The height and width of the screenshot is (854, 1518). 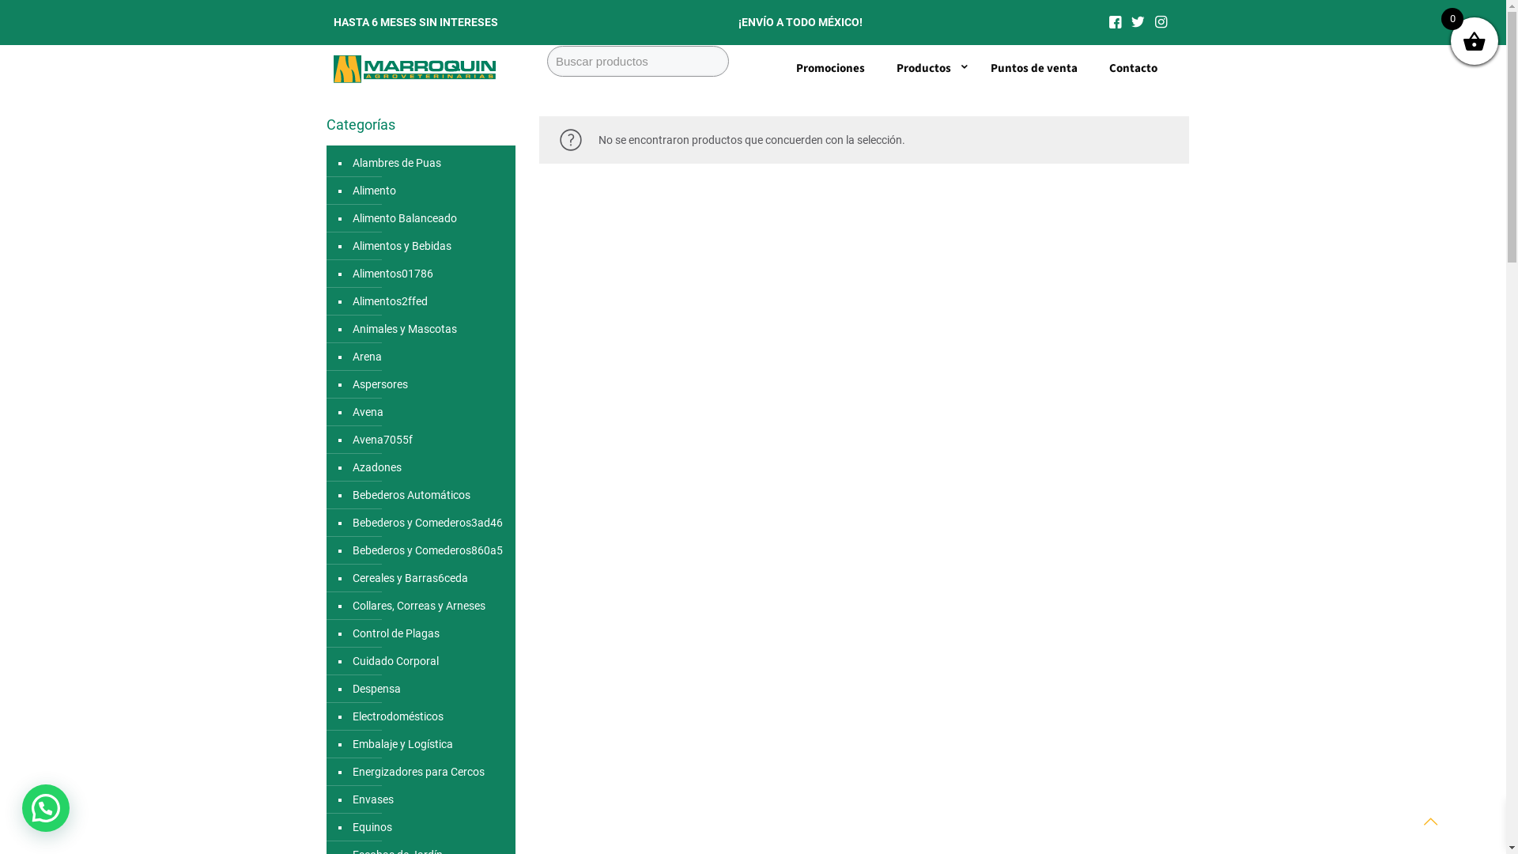 What do you see at coordinates (429, 550) in the screenshot?
I see `'Bebederos y Comederos860a5'` at bounding box center [429, 550].